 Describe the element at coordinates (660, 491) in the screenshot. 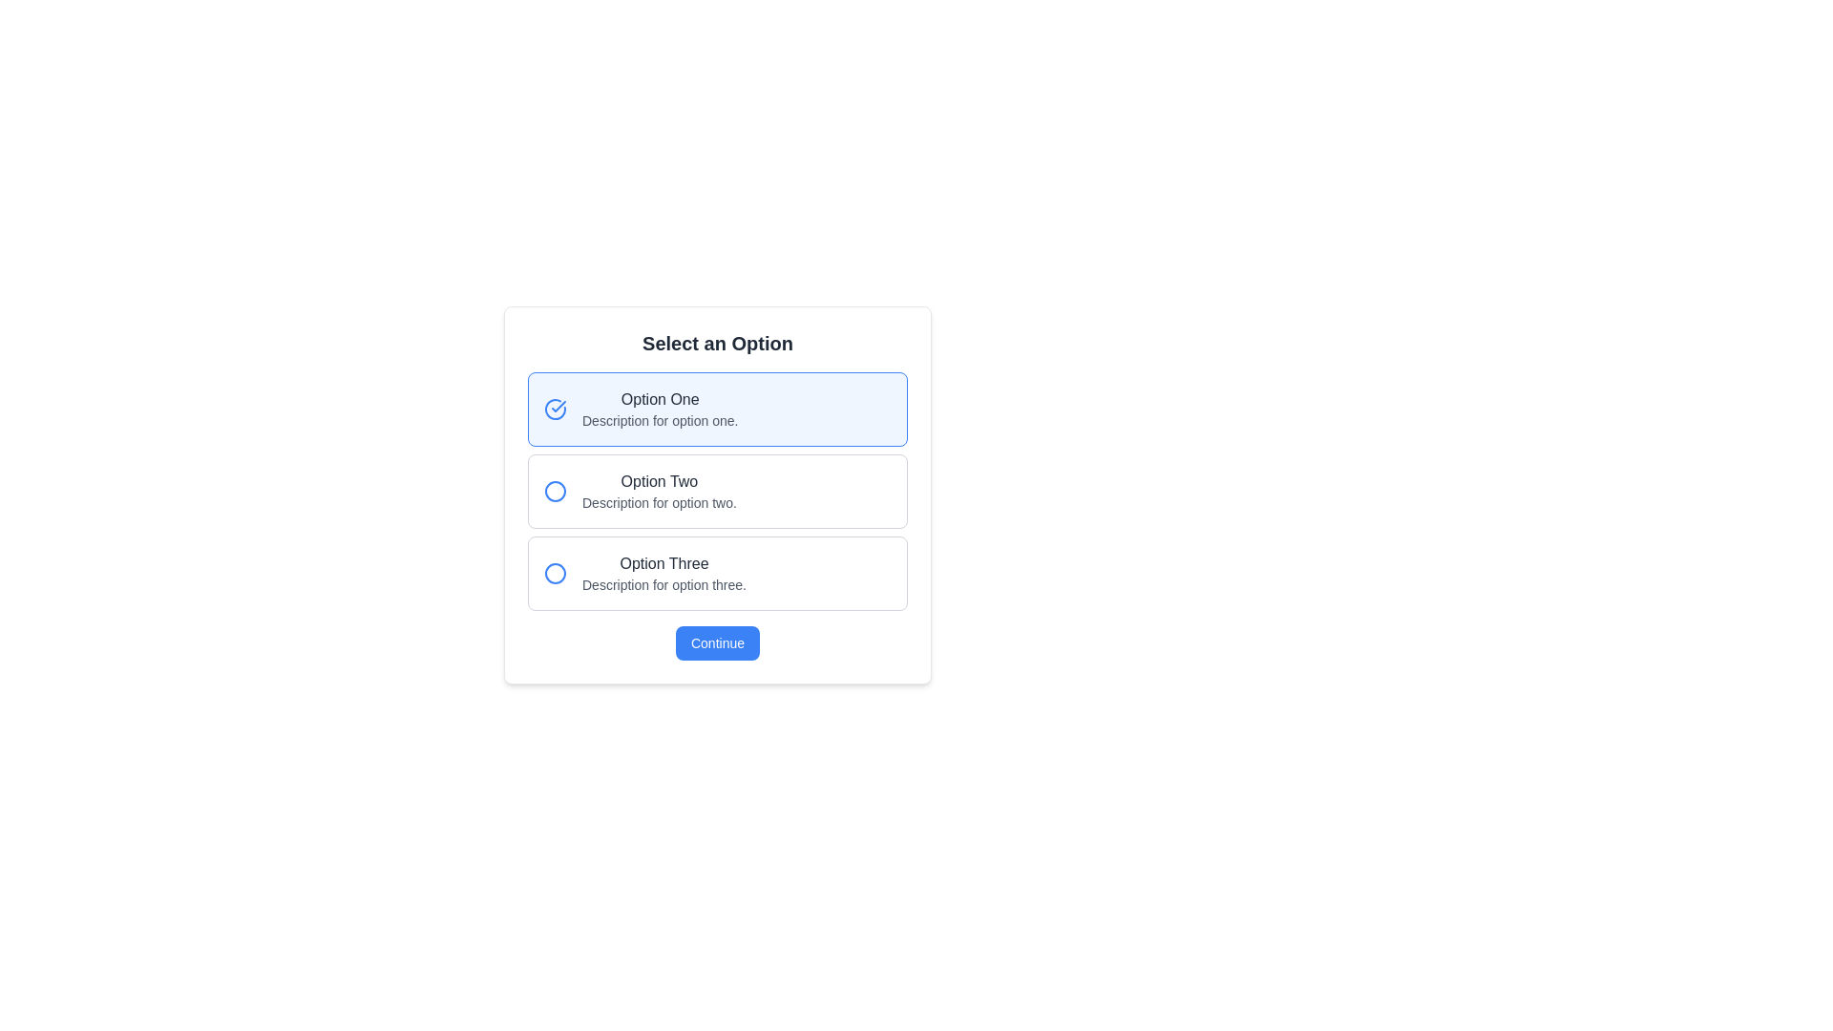

I see `to select the second option in a vertically stacked list of selectable options, positioned between 'Option One' and 'Option Three'` at that location.